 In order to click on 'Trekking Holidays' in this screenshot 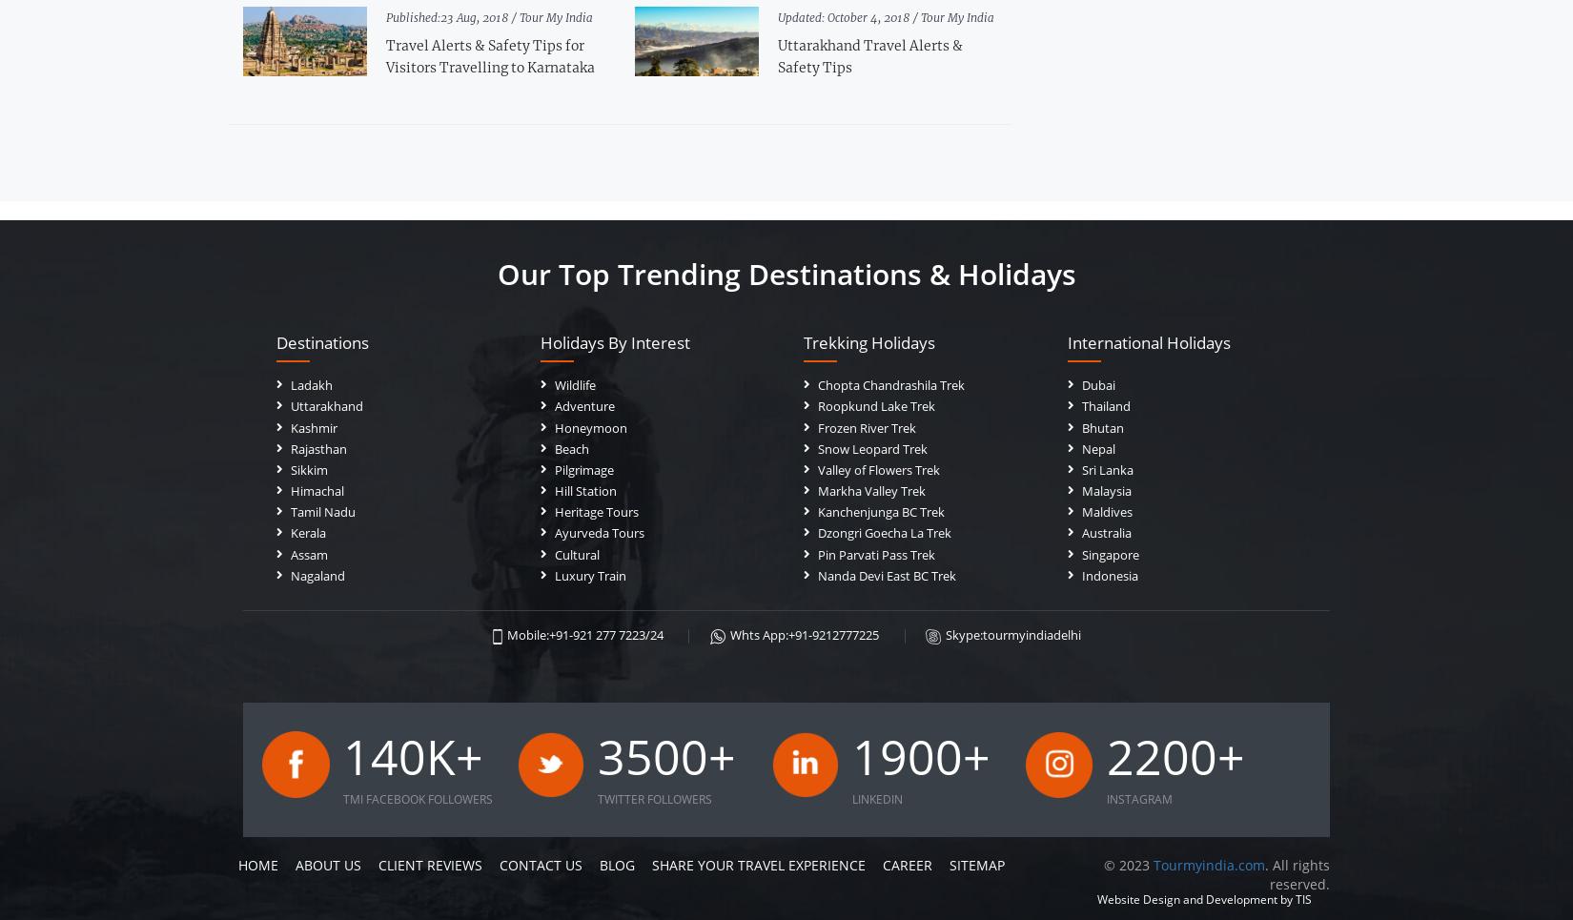, I will do `click(868, 342)`.